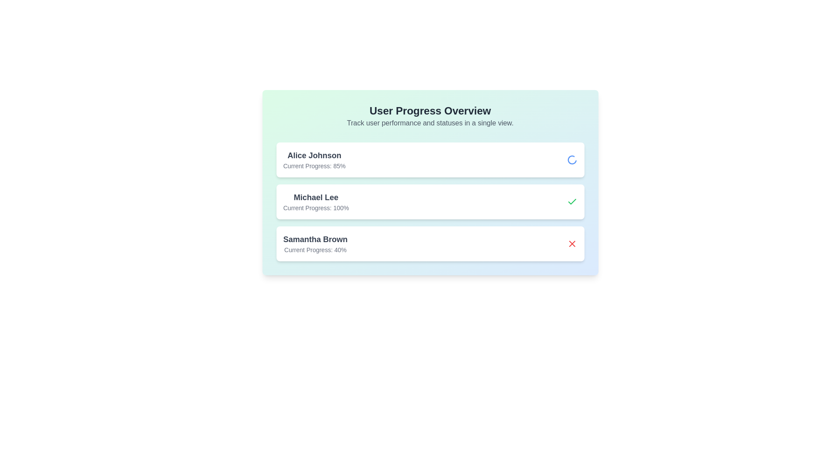 This screenshot has width=840, height=472. I want to click on the Information card displaying user progress information, which is the first card in the vertical stack, located at the top-center of the 'User Progress Overview' interface, so click(430, 160).